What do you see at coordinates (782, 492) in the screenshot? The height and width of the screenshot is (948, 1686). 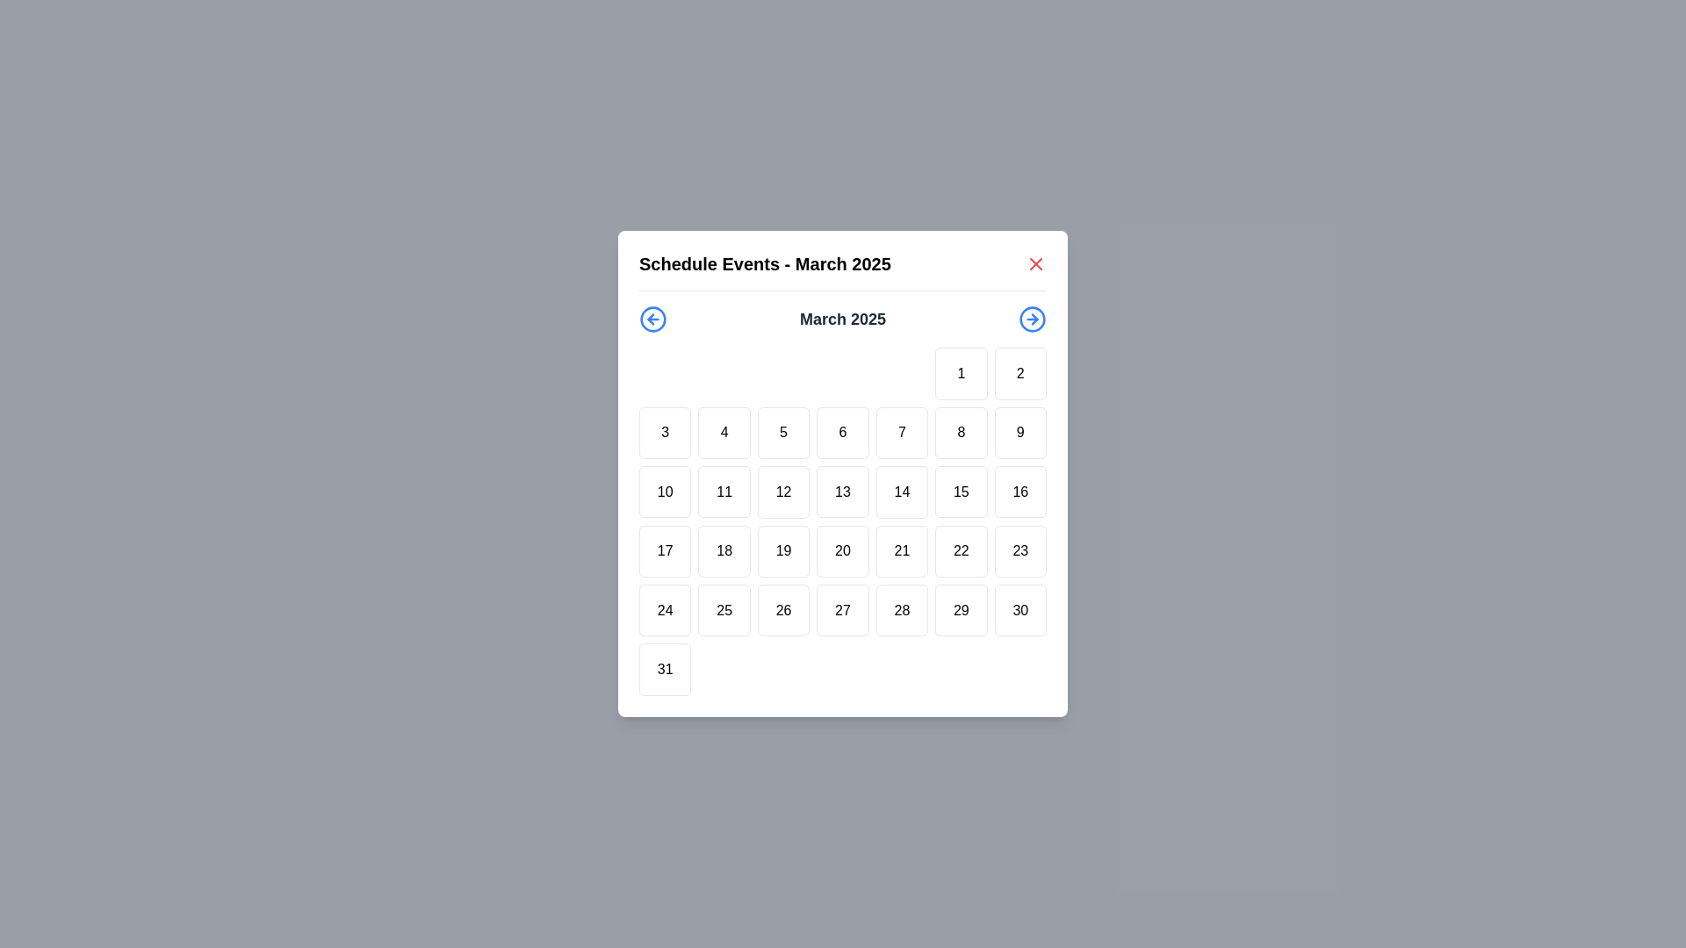 I see `the square-shaped button containing the numeric text '12'` at bounding box center [782, 492].